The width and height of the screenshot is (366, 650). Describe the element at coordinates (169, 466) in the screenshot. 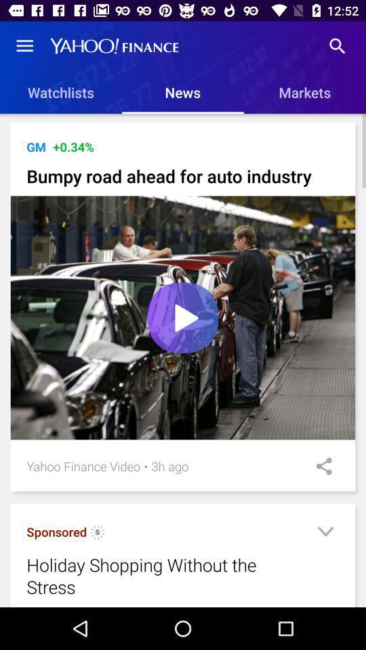

I see `3h ago item` at that location.